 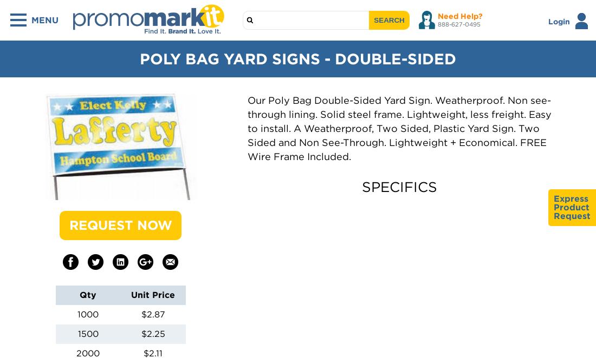 What do you see at coordinates (77, 333) in the screenshot?
I see `'1500'` at bounding box center [77, 333].